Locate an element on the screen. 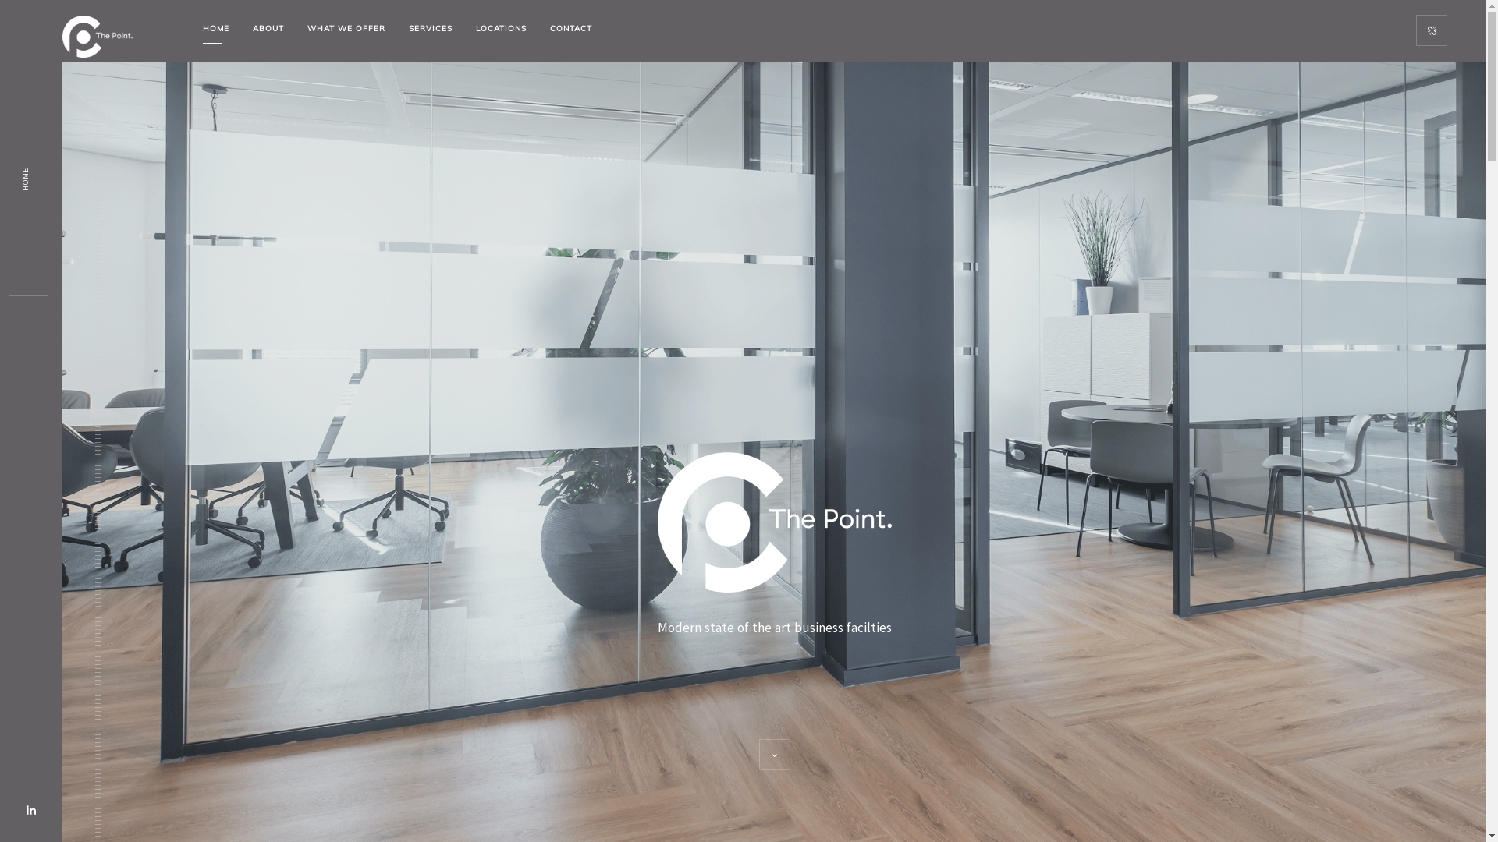 The height and width of the screenshot is (842, 1498). 'HOME' is located at coordinates (215, 29).